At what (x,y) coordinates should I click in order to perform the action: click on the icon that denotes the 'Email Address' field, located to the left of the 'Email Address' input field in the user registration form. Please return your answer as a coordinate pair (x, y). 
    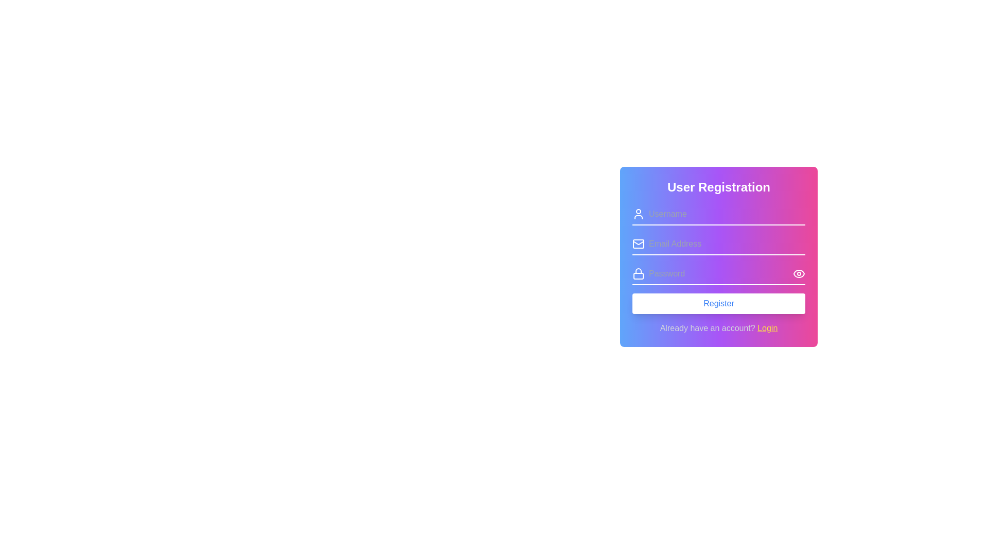
    Looking at the image, I should click on (638, 244).